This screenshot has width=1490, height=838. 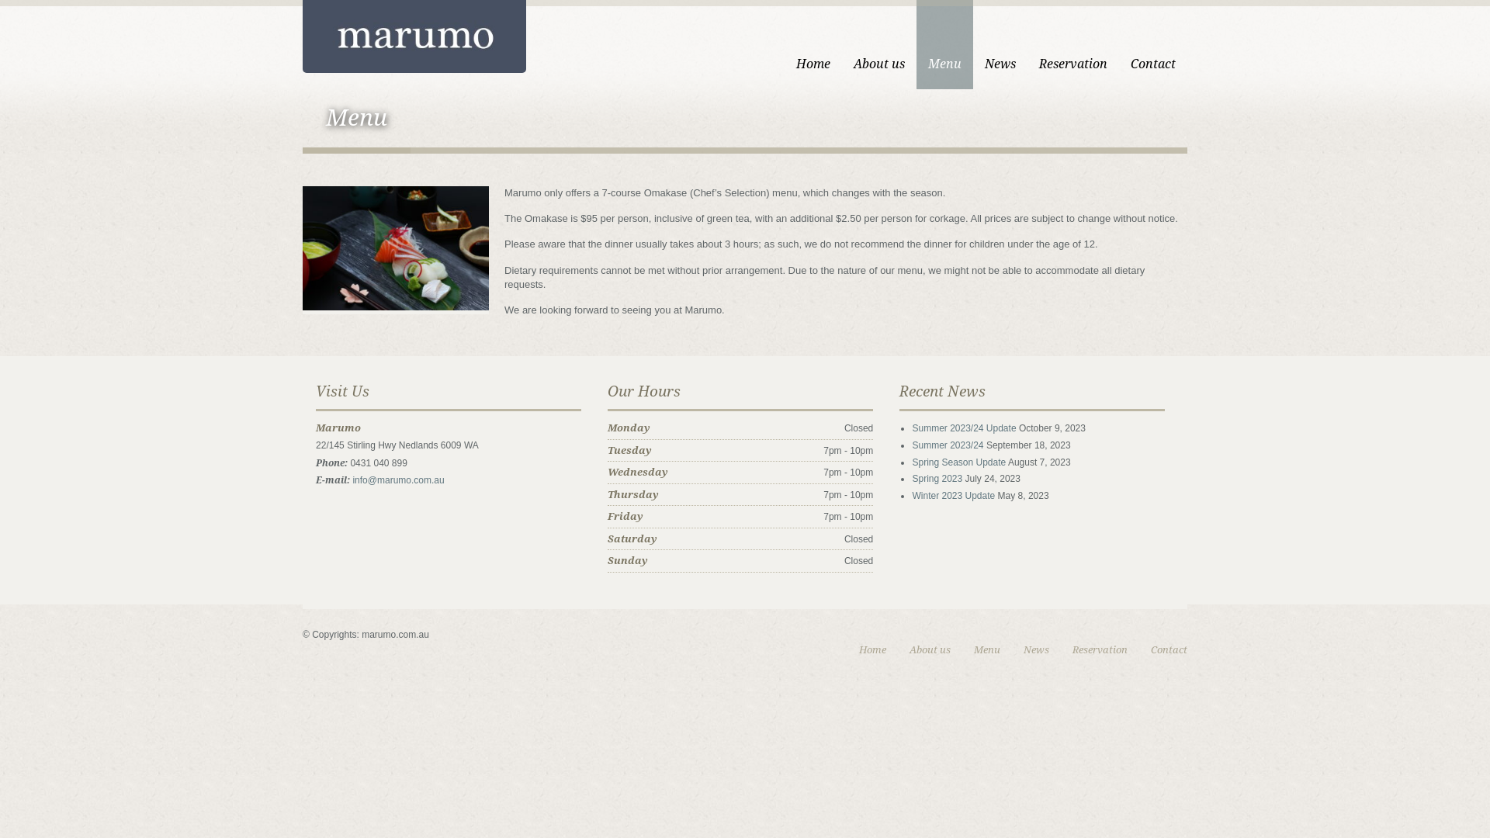 What do you see at coordinates (972, 43) in the screenshot?
I see `'News'` at bounding box center [972, 43].